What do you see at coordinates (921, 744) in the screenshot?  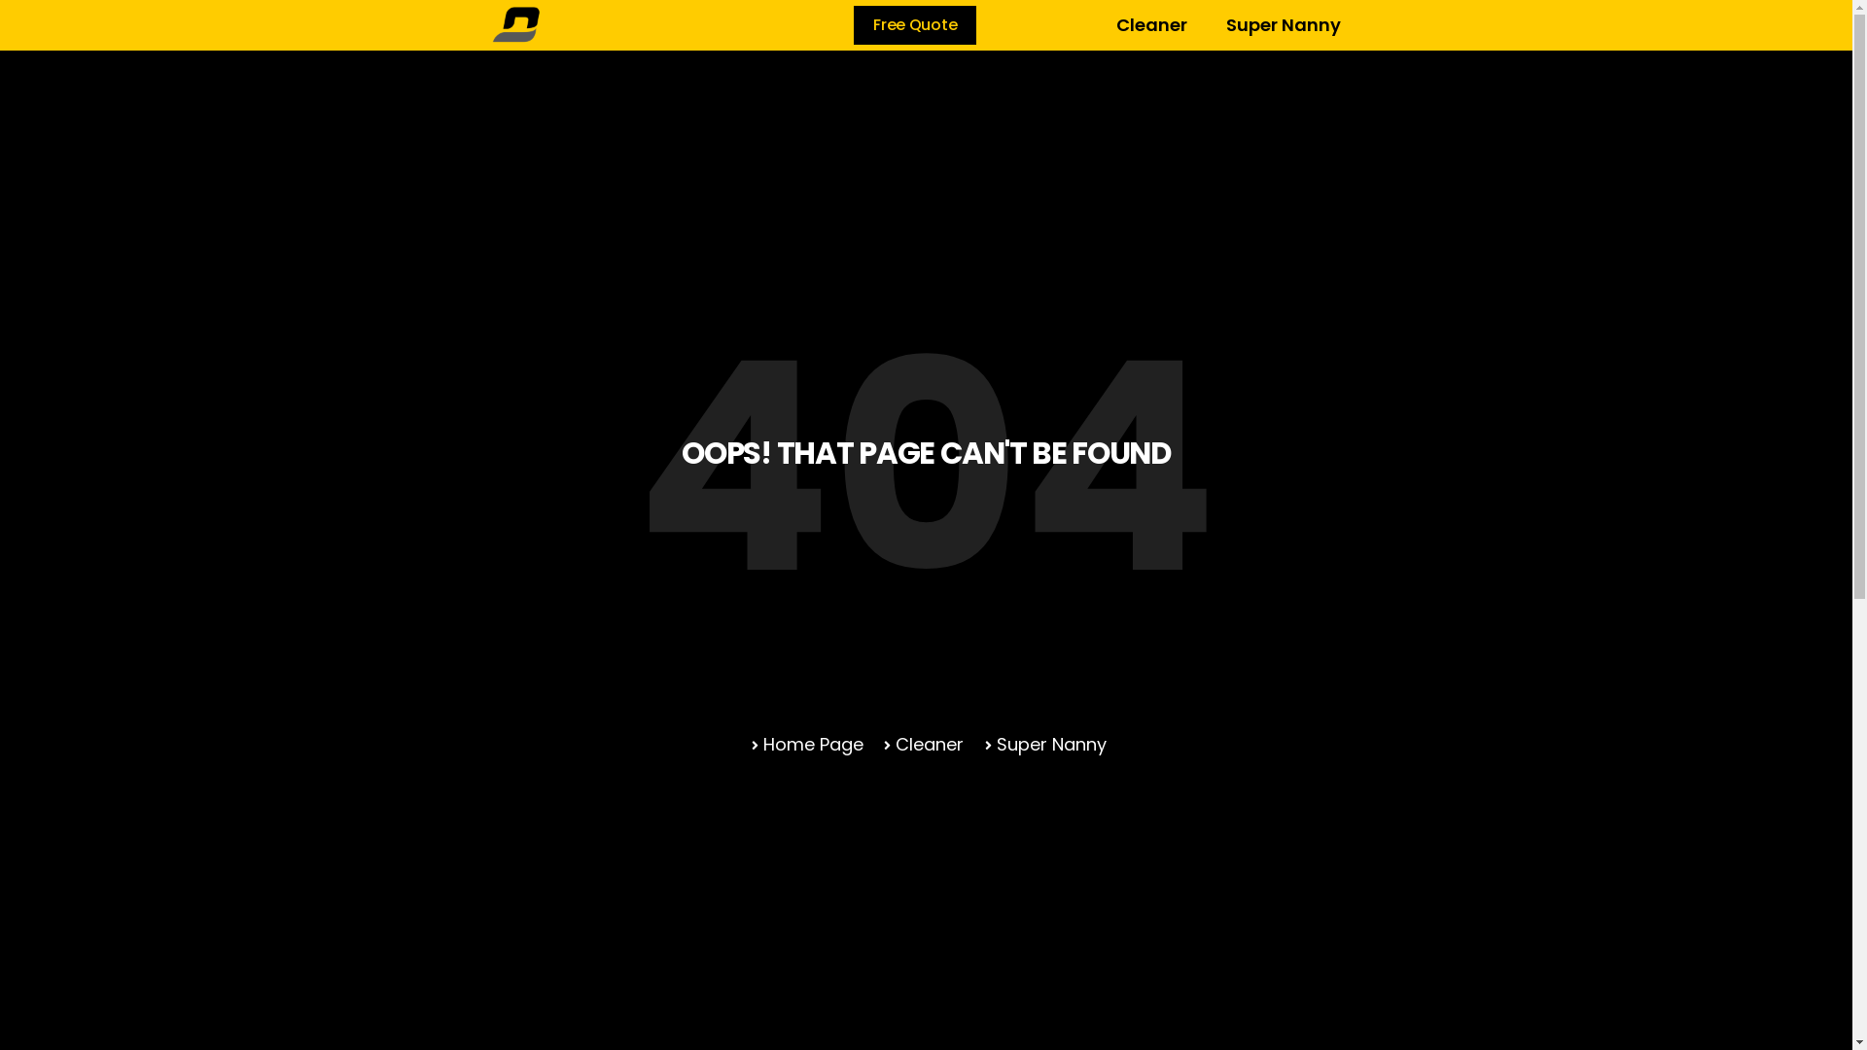 I see `'Cleaner'` at bounding box center [921, 744].